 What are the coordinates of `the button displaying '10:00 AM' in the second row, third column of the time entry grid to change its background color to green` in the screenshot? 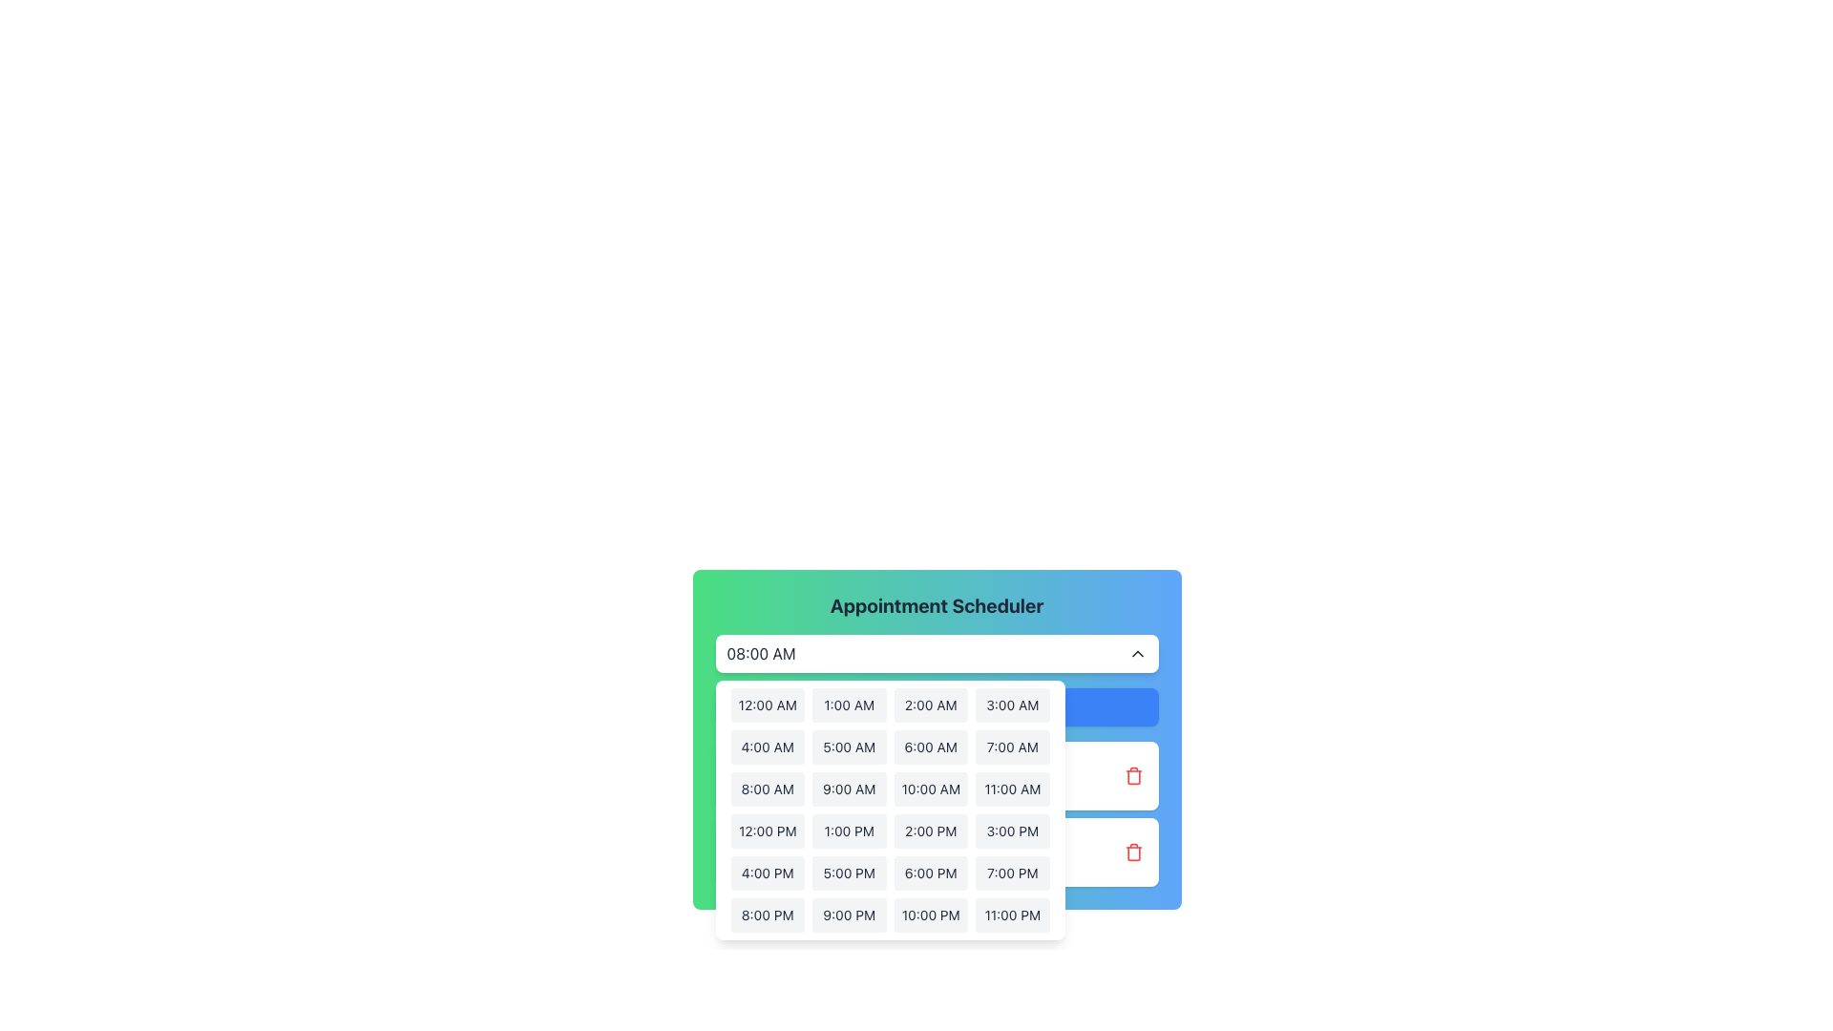 It's located at (931, 789).